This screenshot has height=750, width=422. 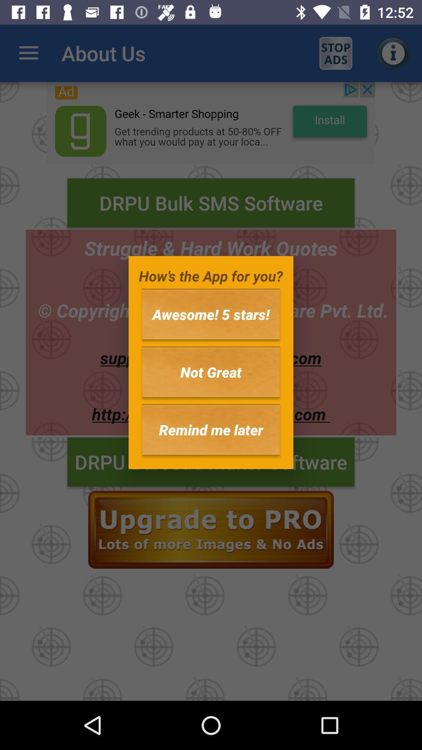 What do you see at coordinates (211, 371) in the screenshot?
I see `item below the awesome! 5 stars! icon` at bounding box center [211, 371].